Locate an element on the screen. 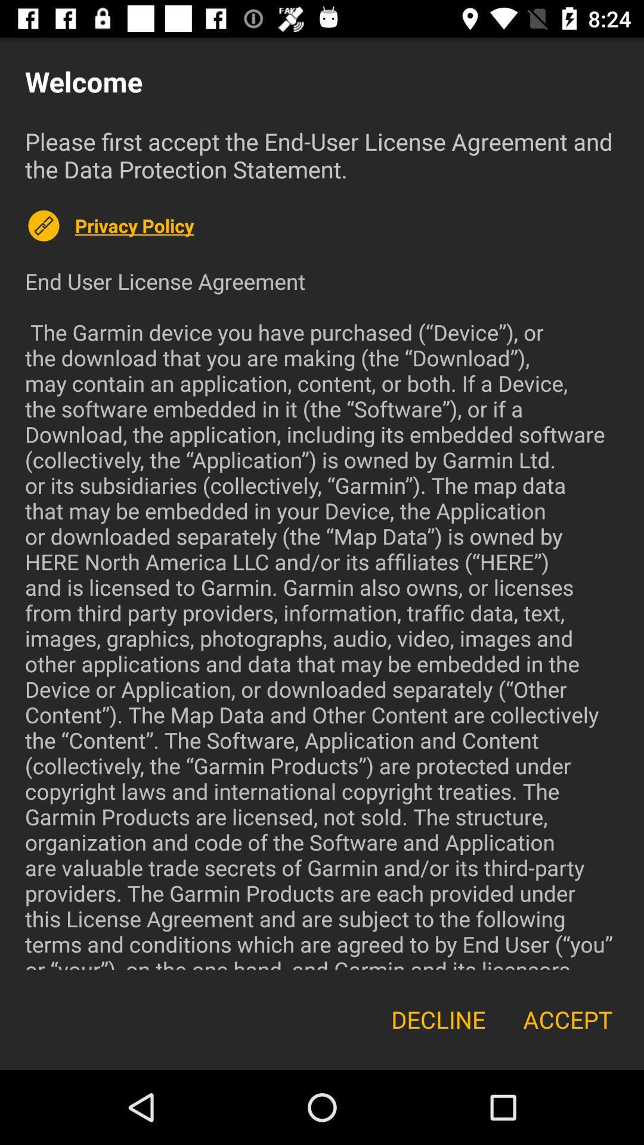 The height and width of the screenshot is (1145, 644). decline icon is located at coordinates (438, 1019).